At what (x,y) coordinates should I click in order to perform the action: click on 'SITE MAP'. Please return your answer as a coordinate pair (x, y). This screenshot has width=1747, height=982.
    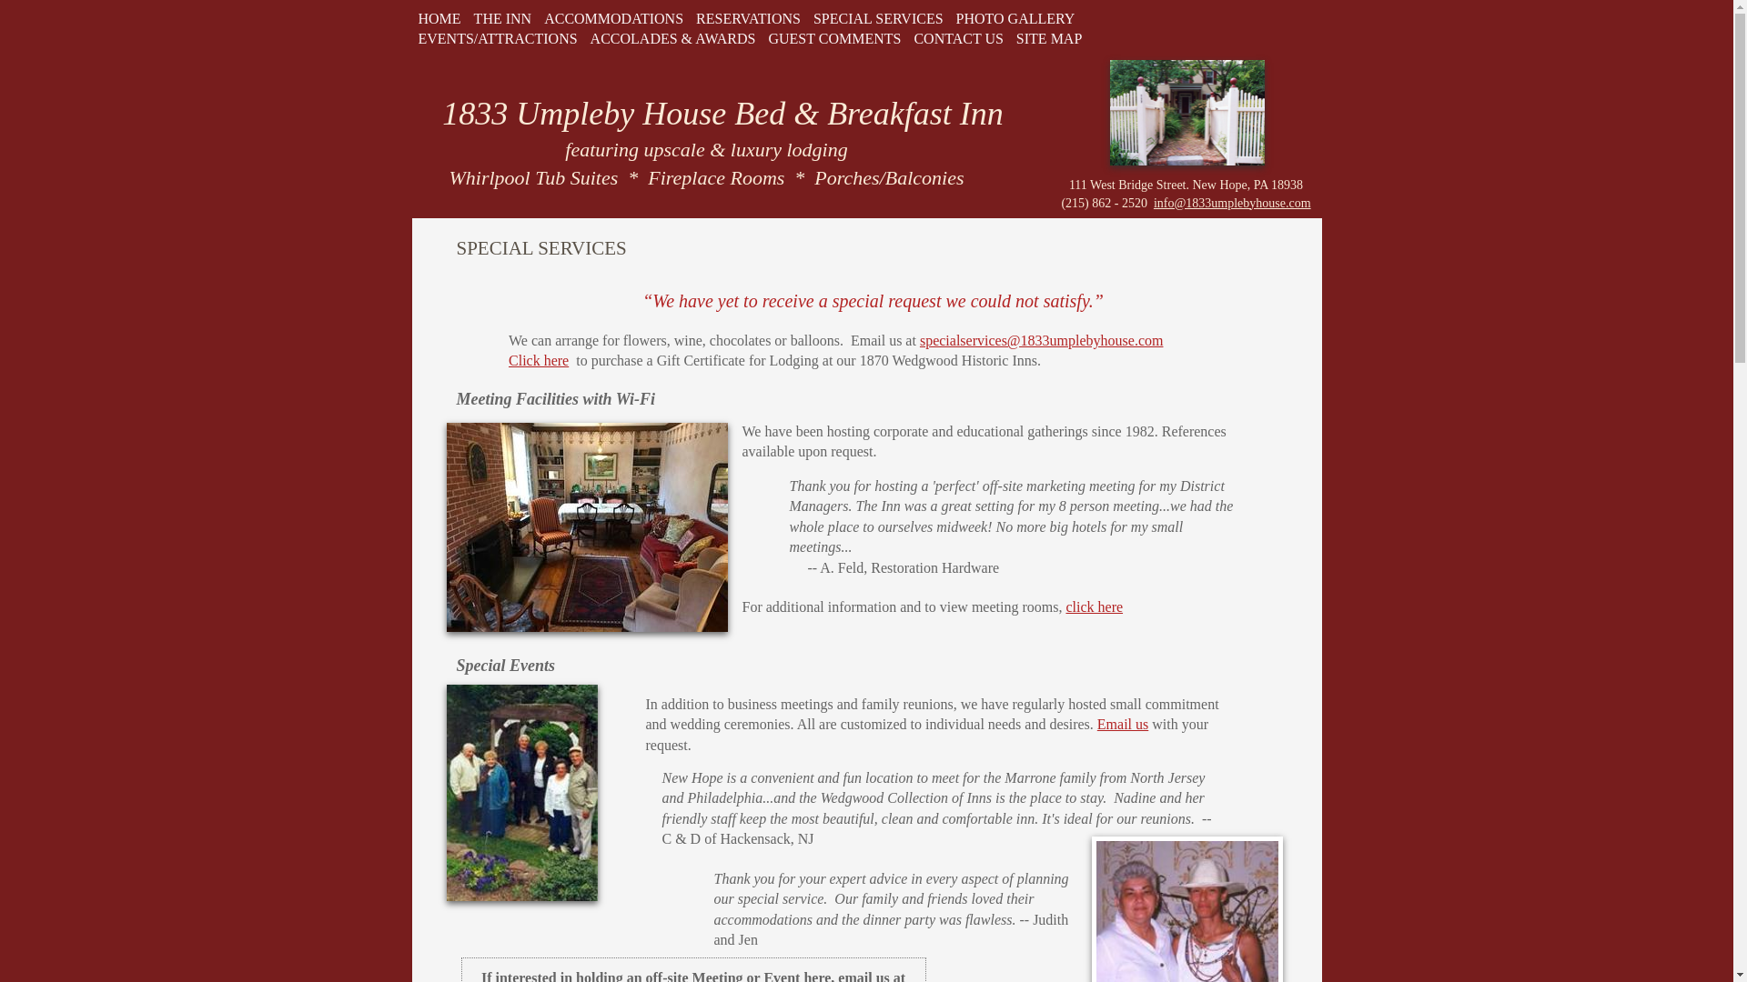
    Looking at the image, I should click on (1008, 38).